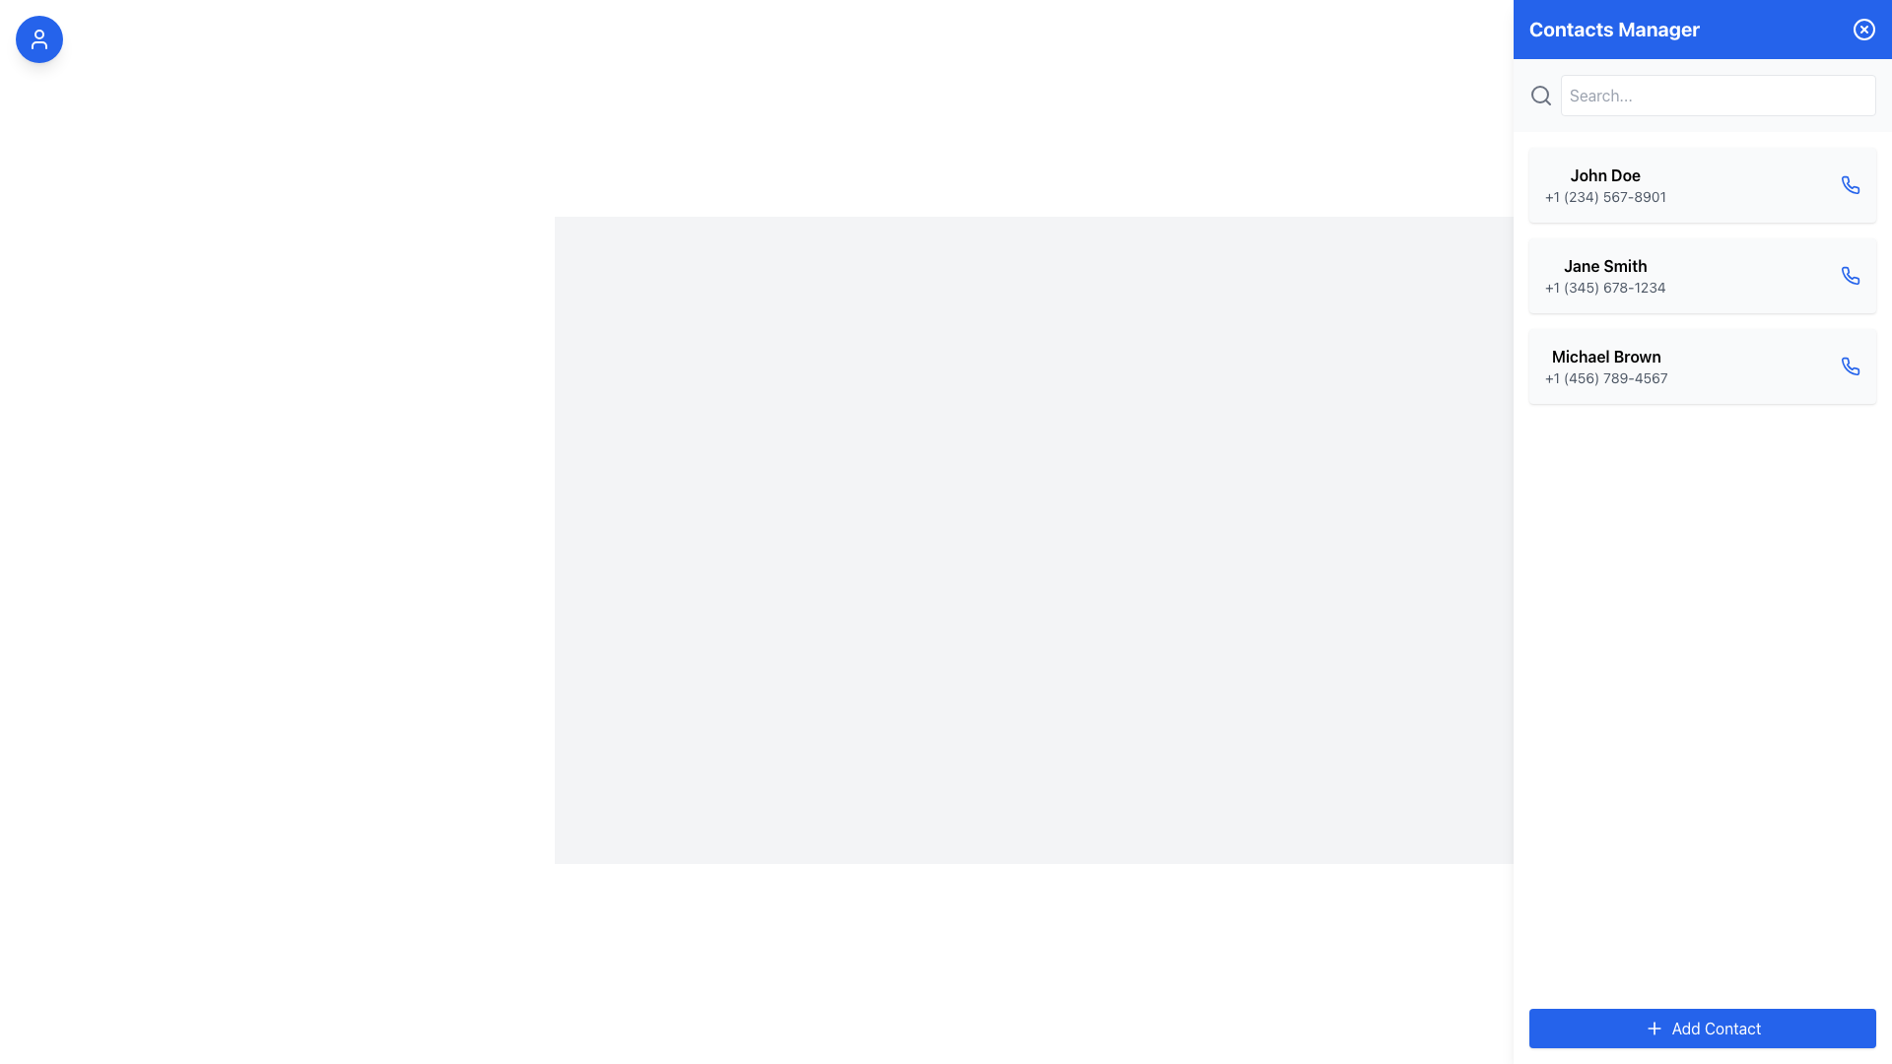 The width and height of the screenshot is (1892, 1064). Describe the element at coordinates (38, 38) in the screenshot. I see `the user settings button located in the top-left corner of the interface` at that location.